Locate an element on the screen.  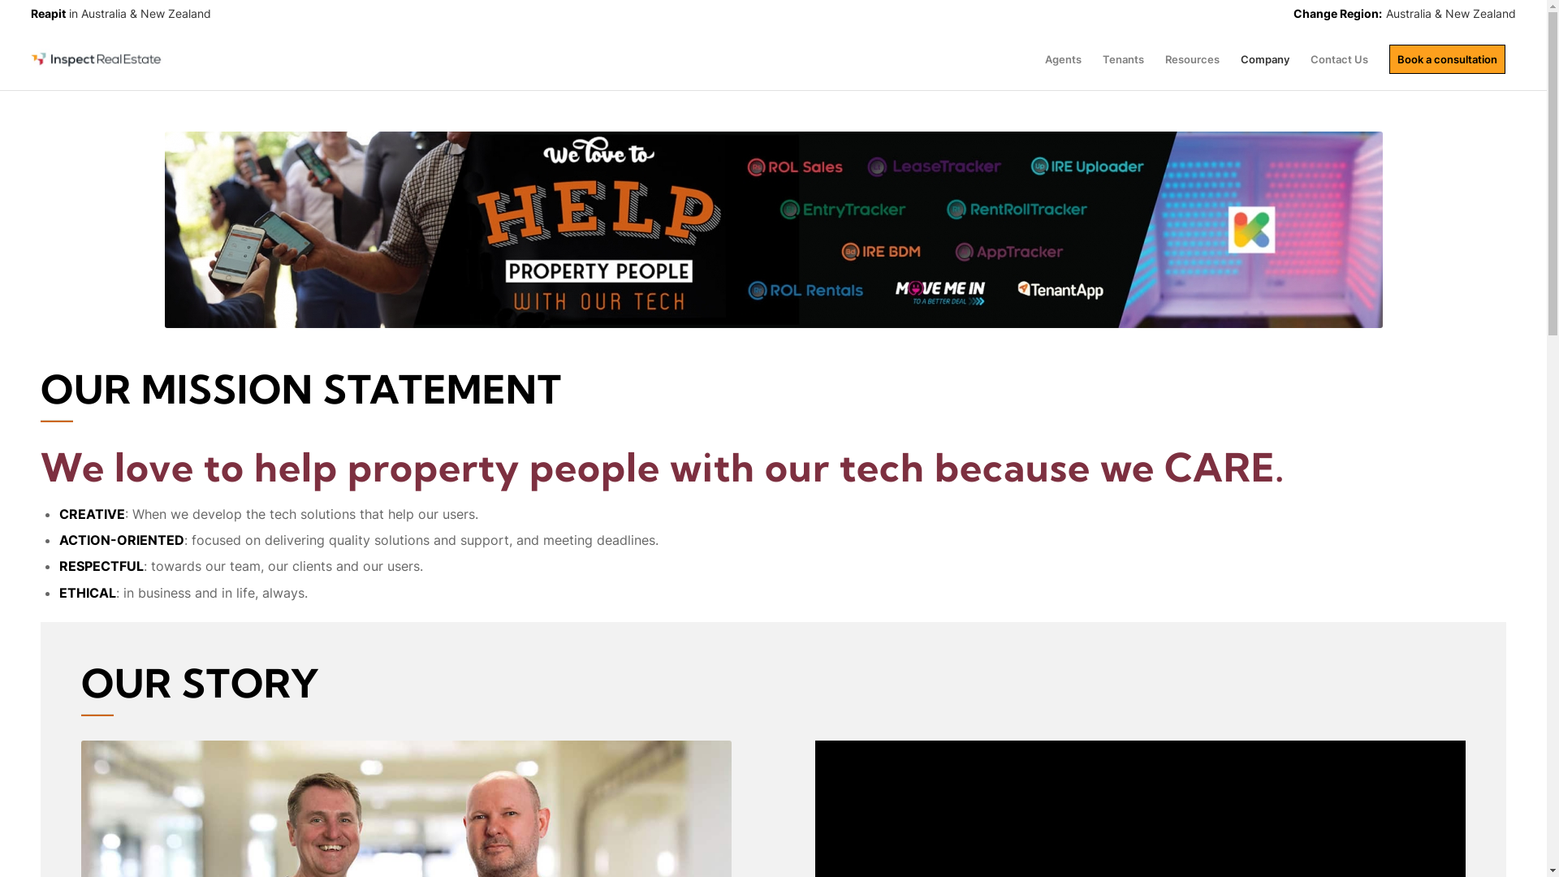
'Inspect Real Estate RGBwebsite' is located at coordinates (96, 58).